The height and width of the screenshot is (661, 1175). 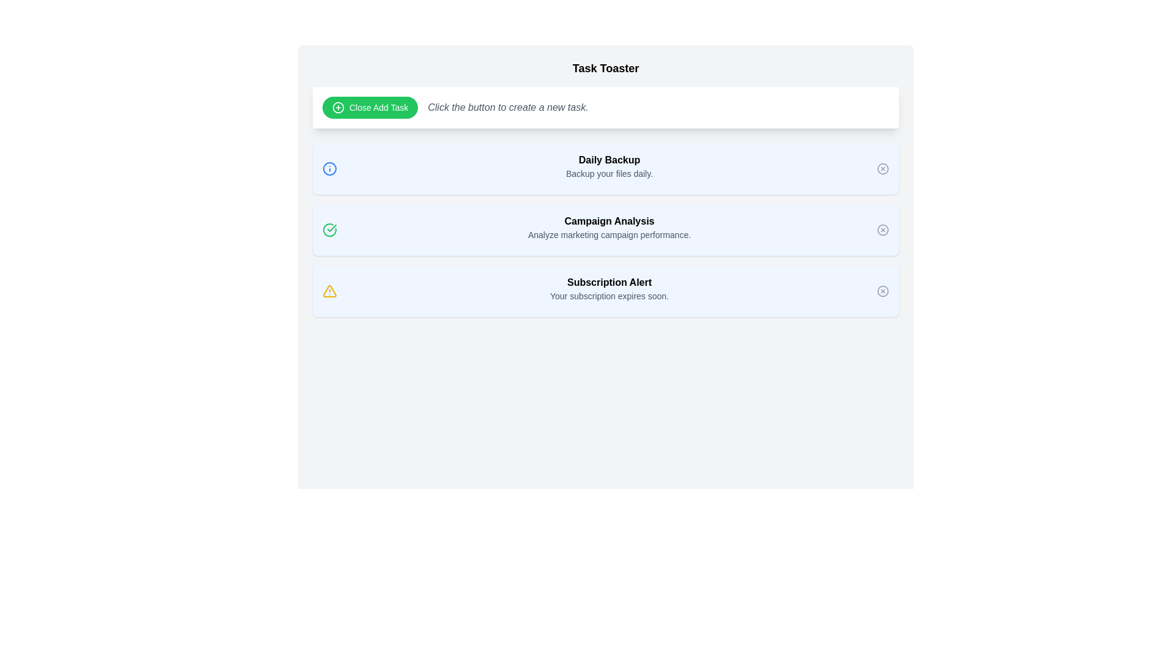 I want to click on the circular SVG icon representing a delete or close button located, so click(x=883, y=169).